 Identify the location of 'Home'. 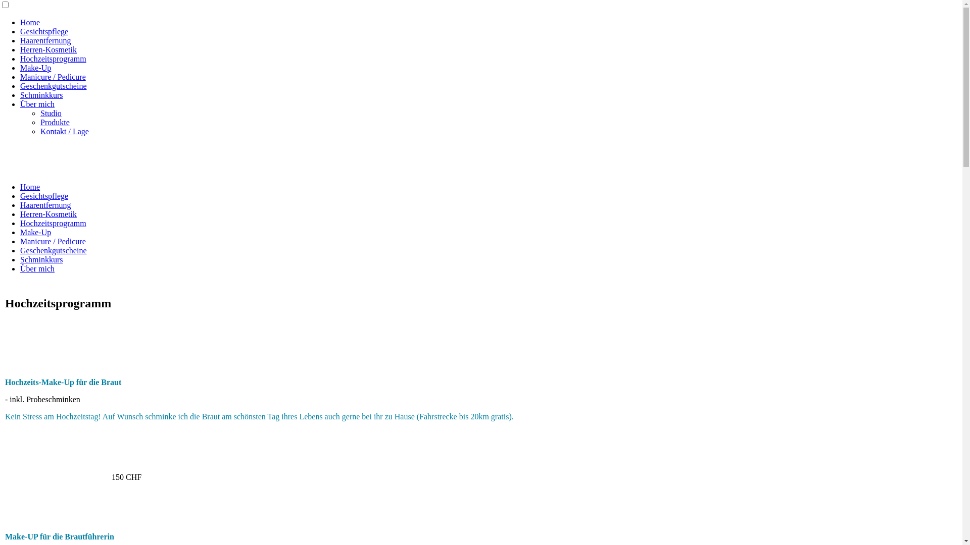
(30, 22).